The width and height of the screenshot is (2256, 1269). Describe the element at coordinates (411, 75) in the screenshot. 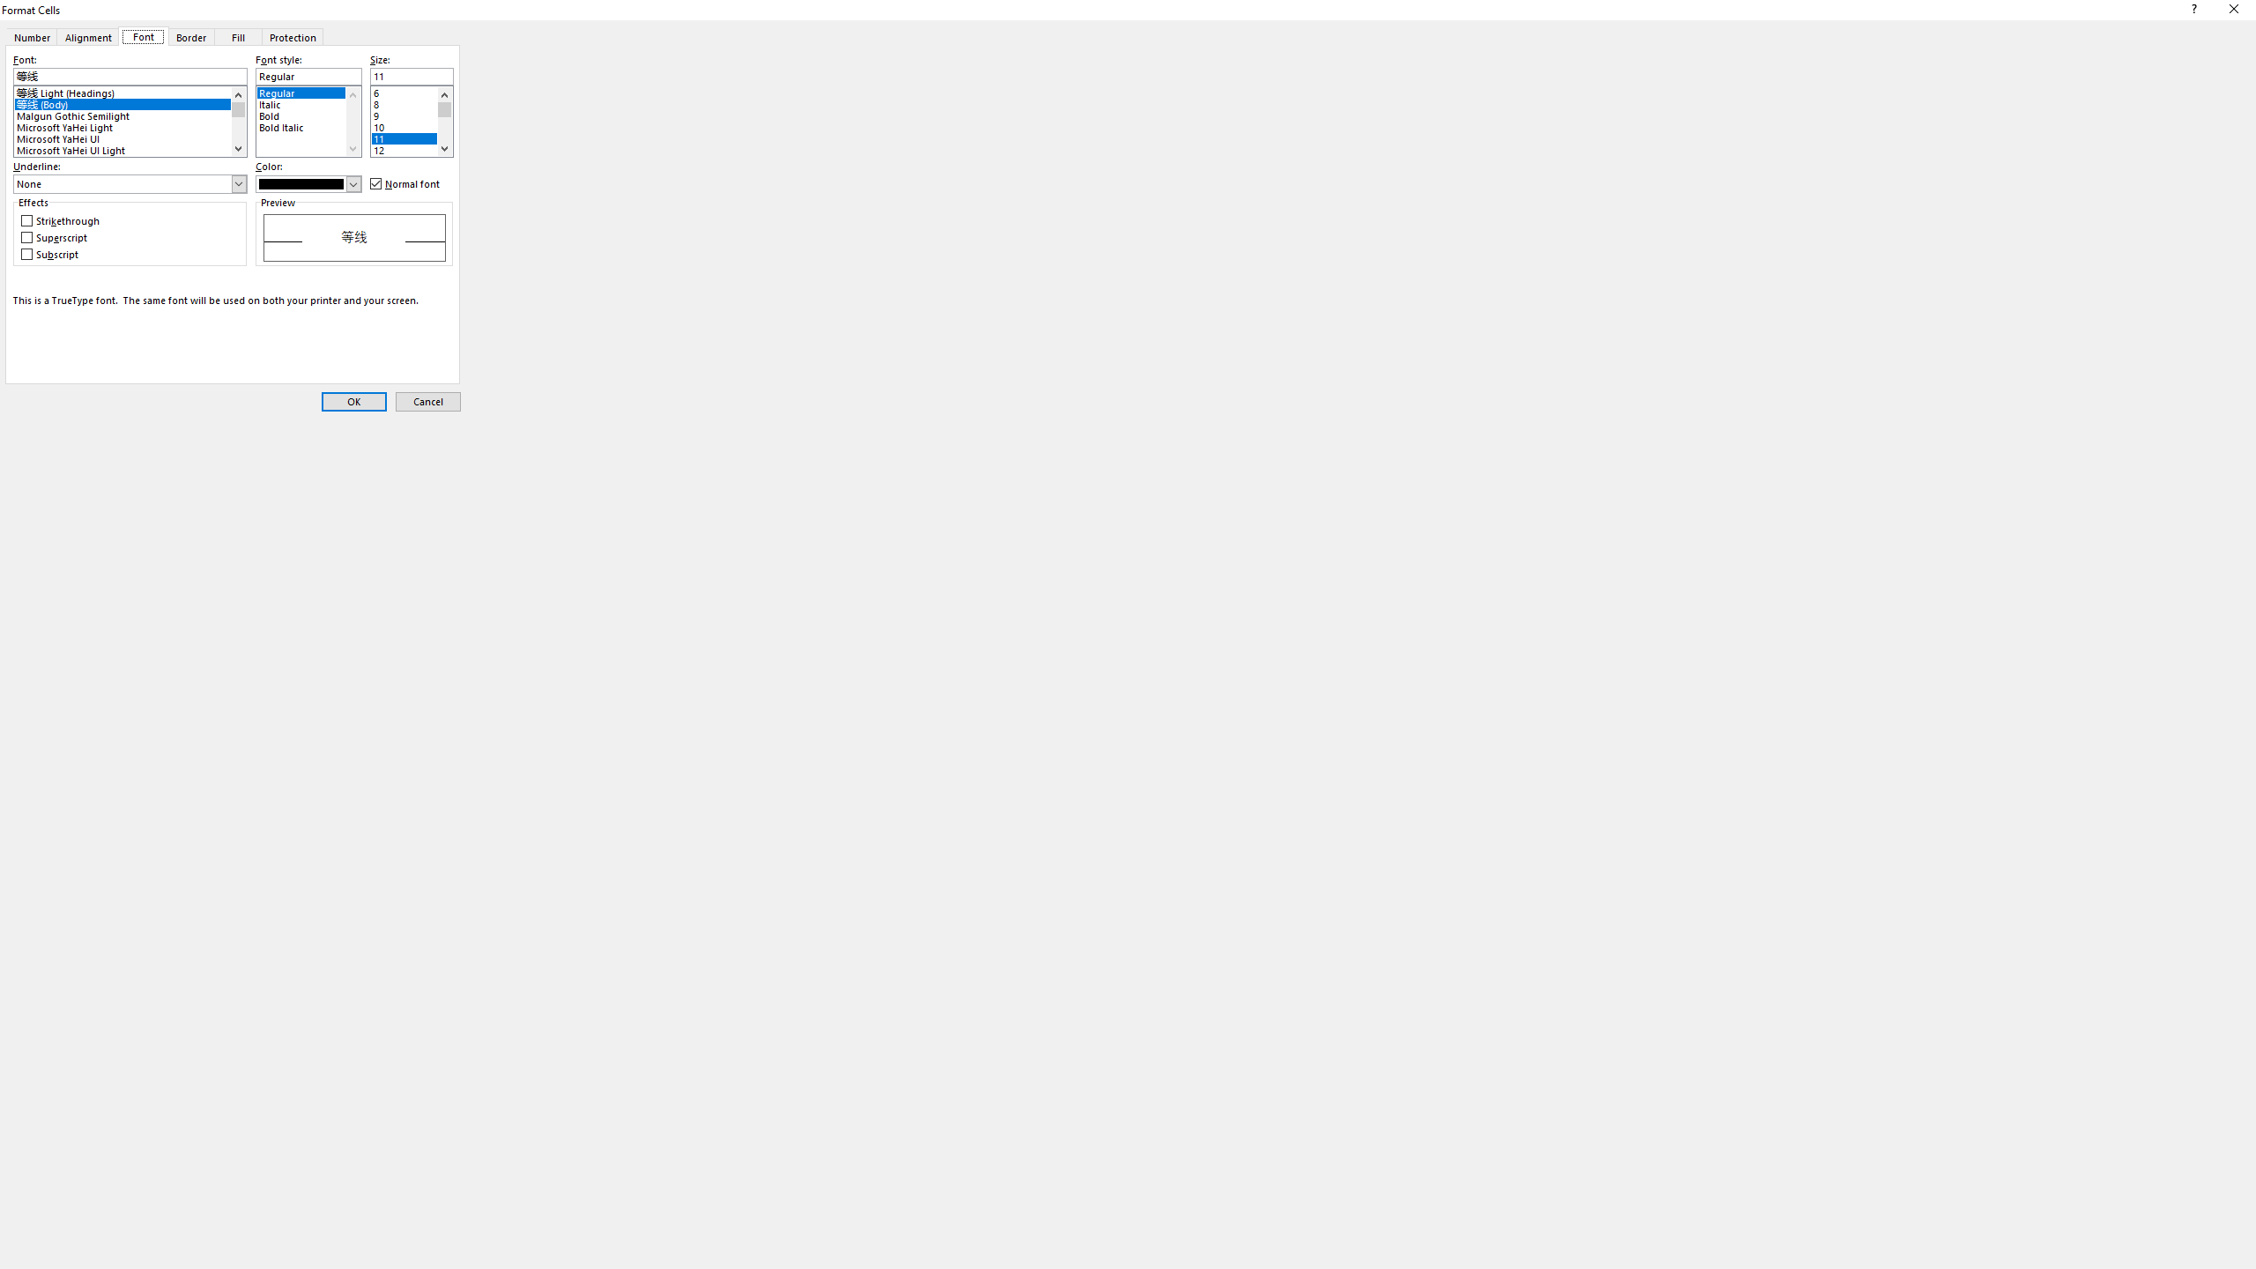

I see `'Size:'` at that location.